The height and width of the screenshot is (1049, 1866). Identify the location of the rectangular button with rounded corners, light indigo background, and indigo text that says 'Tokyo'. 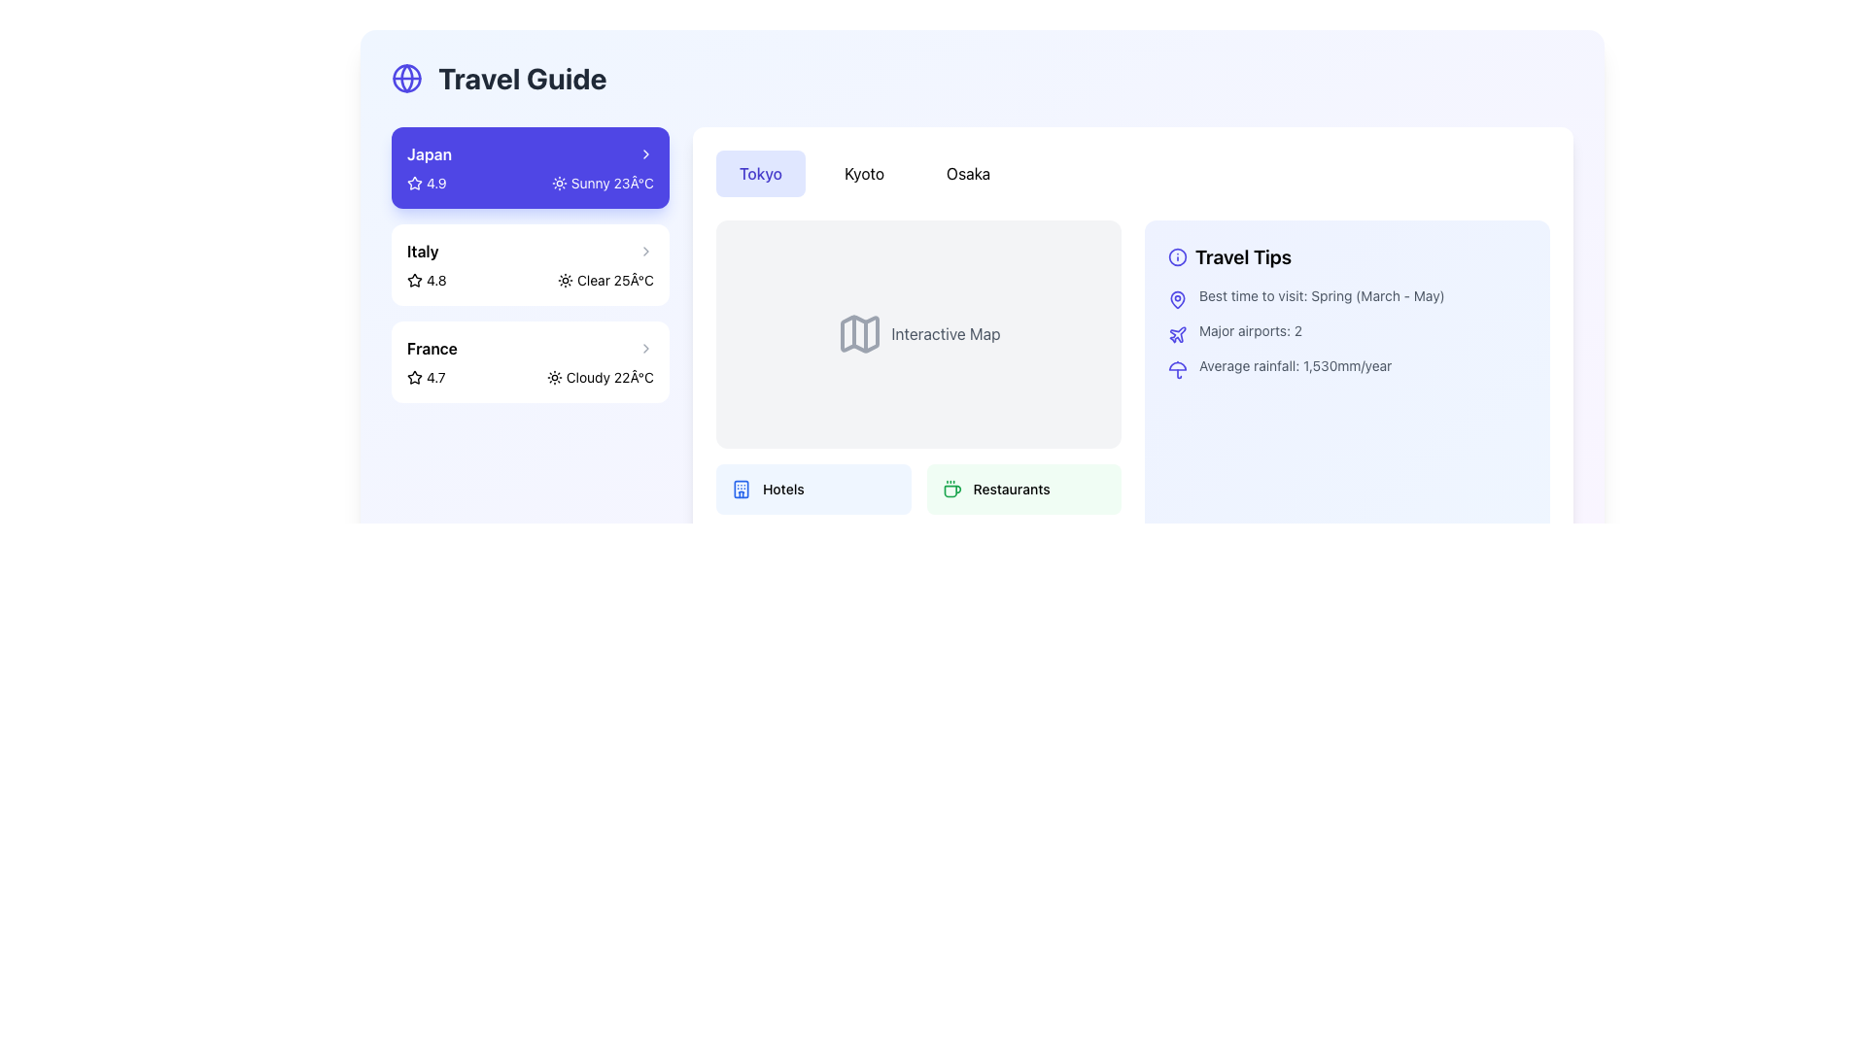
(759, 172).